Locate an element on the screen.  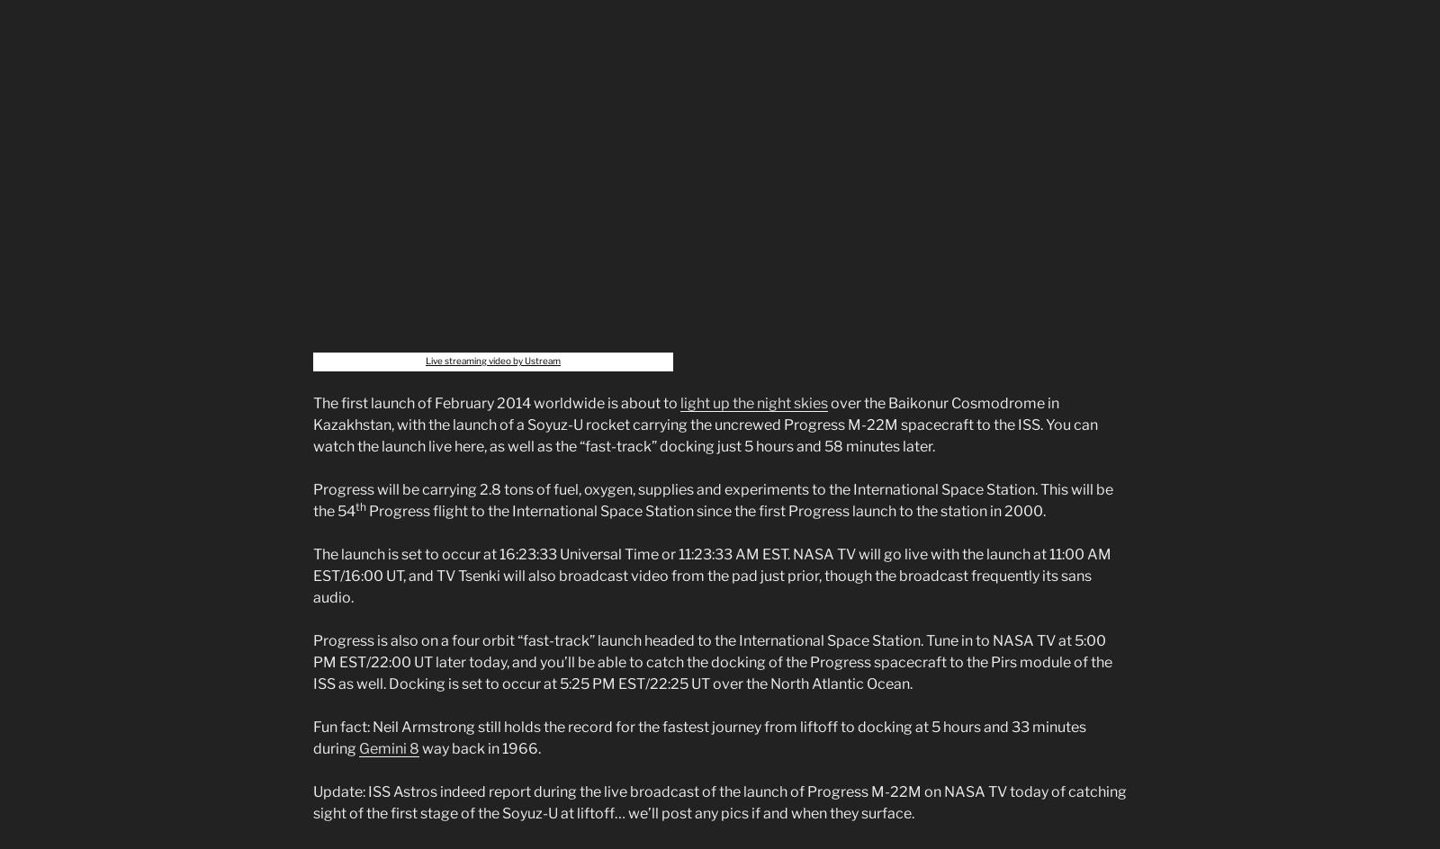
'way back in 1966.' is located at coordinates (418, 747).